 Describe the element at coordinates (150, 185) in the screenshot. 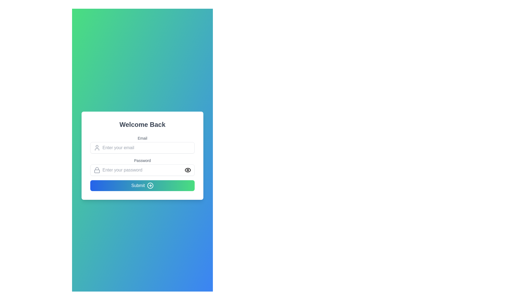

I see `the circular arrow icon pointing to the right located within the 'Submit' button for visual feedback` at that location.